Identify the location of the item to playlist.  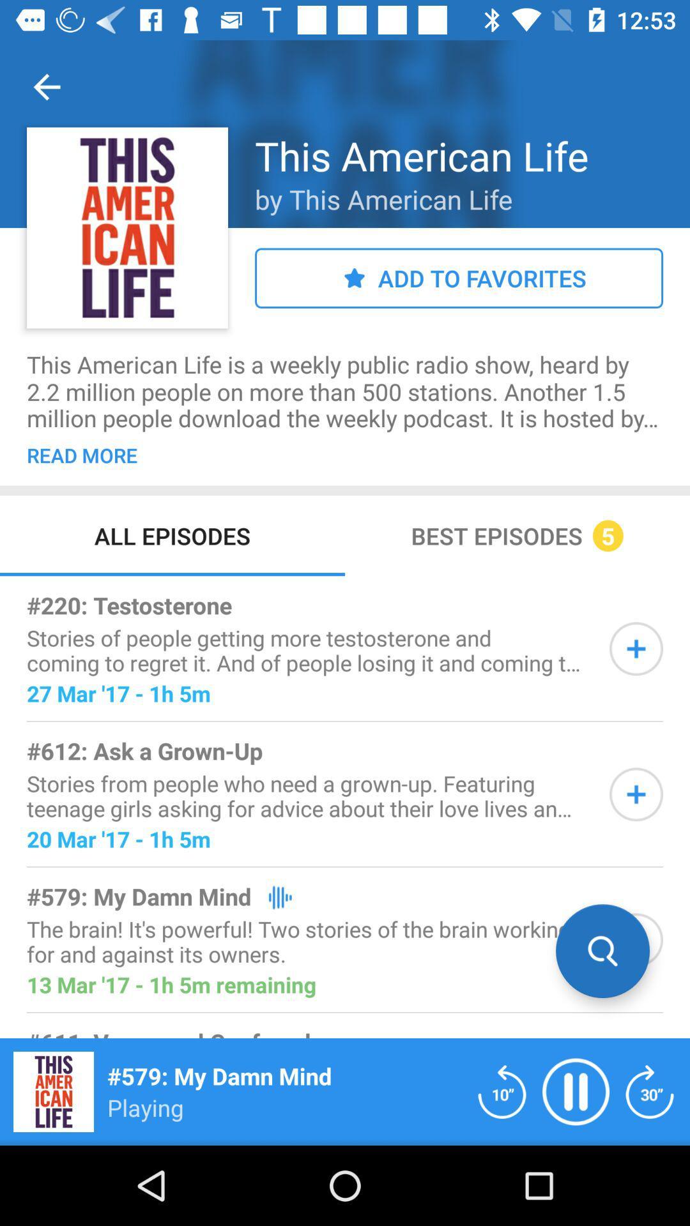
(636, 794).